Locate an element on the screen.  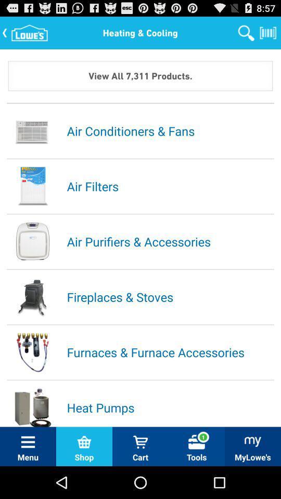
furnaces & furnace accessories item is located at coordinates (170, 352).